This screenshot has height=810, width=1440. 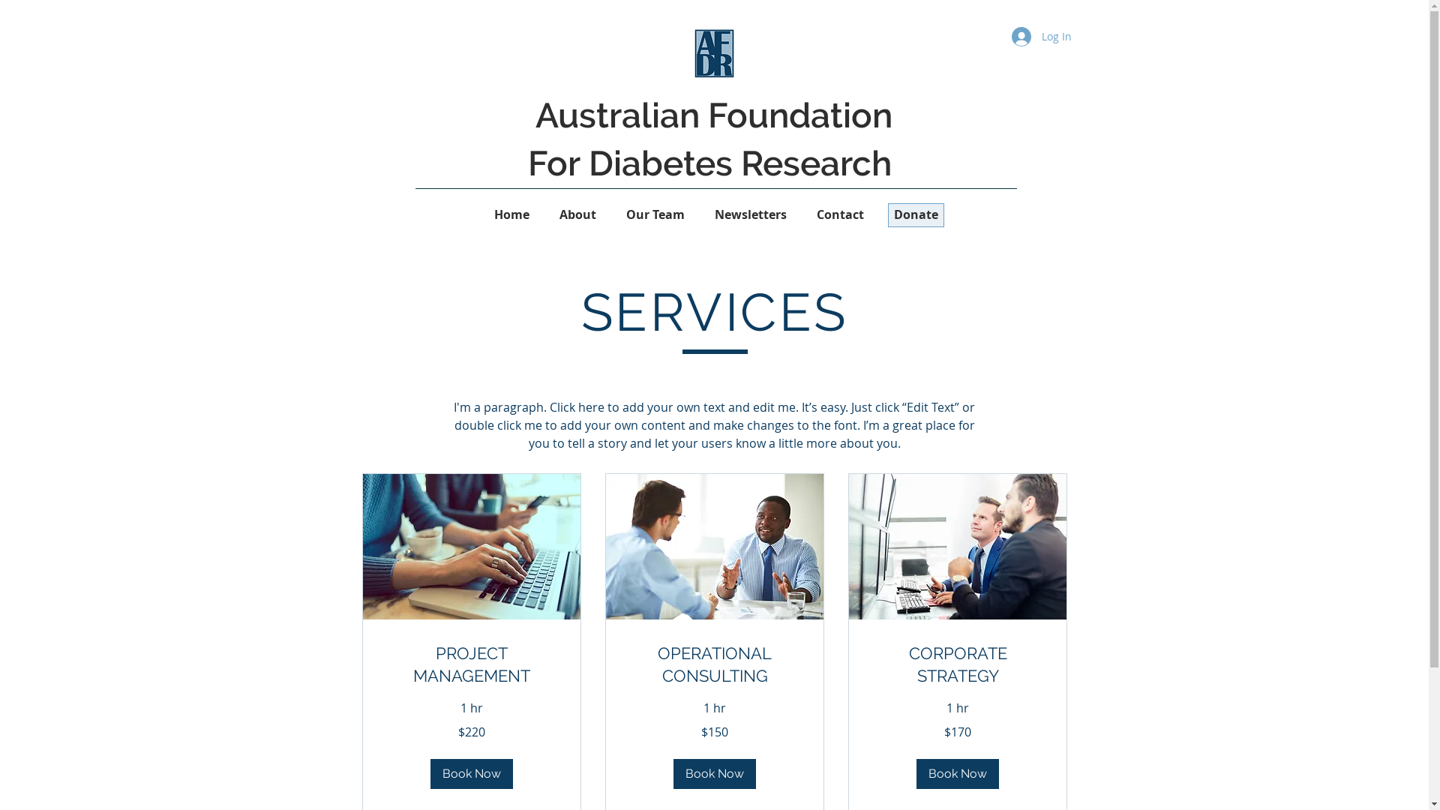 I want to click on 'Log In', so click(x=1039, y=36).